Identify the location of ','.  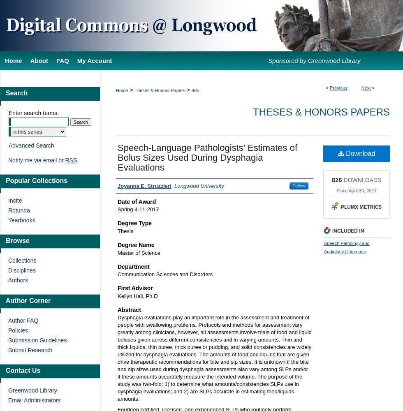
(173, 185).